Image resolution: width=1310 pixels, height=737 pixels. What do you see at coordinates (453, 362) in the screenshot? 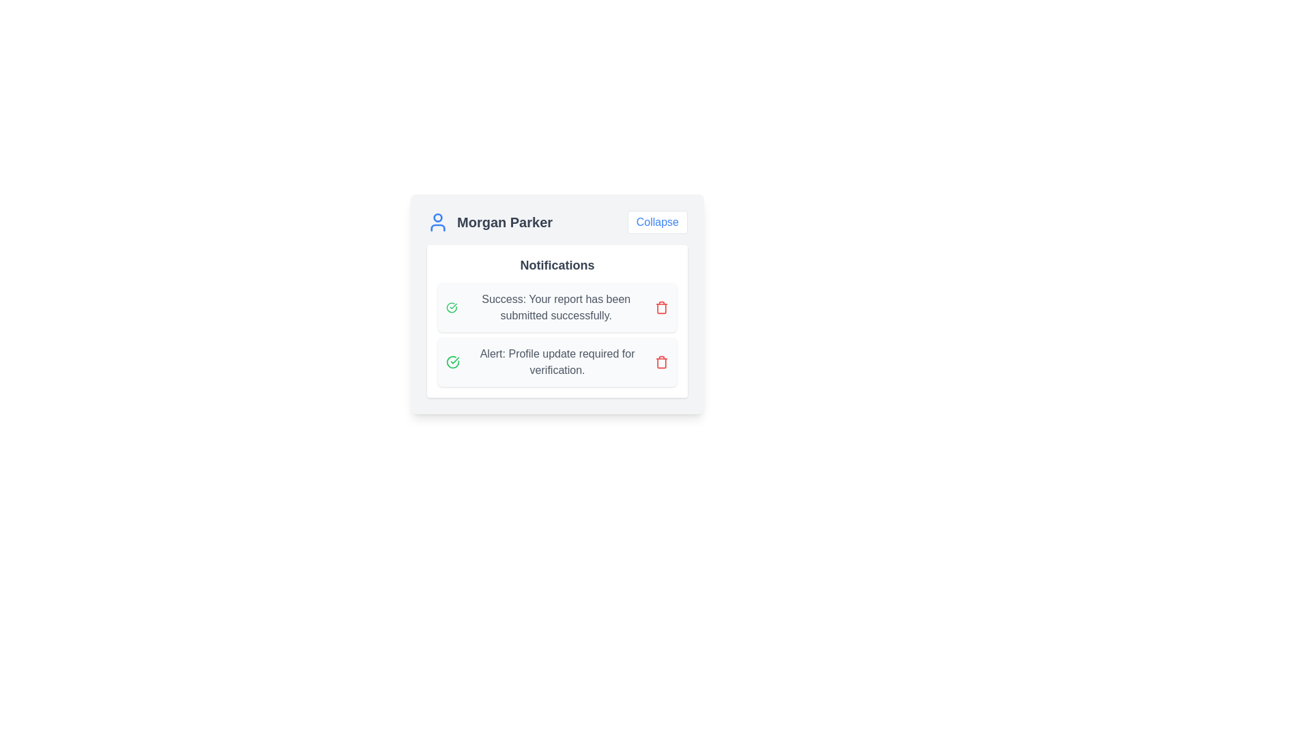
I see `the circular green checkmark icon located to the left of the 'Alert: Profile update required for verification.' notification in the alert box` at bounding box center [453, 362].